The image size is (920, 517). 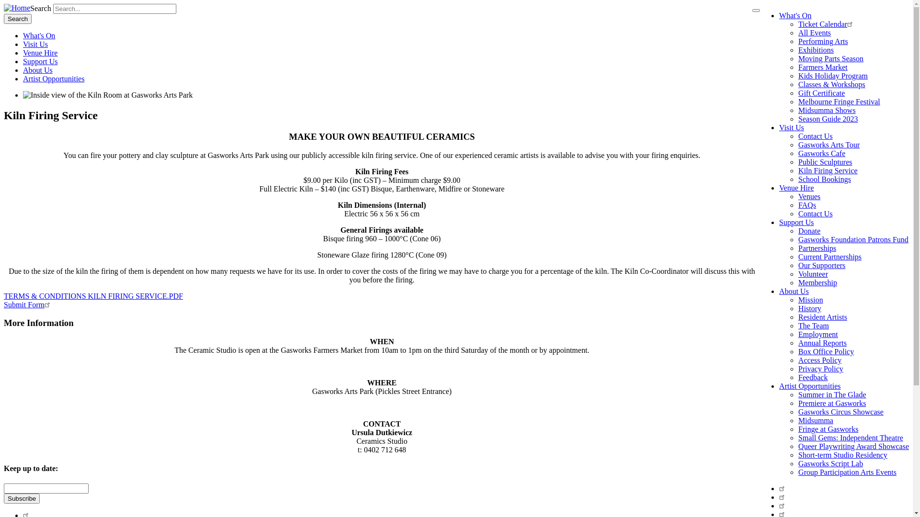 I want to click on 'Public Sculptures', so click(x=825, y=161).